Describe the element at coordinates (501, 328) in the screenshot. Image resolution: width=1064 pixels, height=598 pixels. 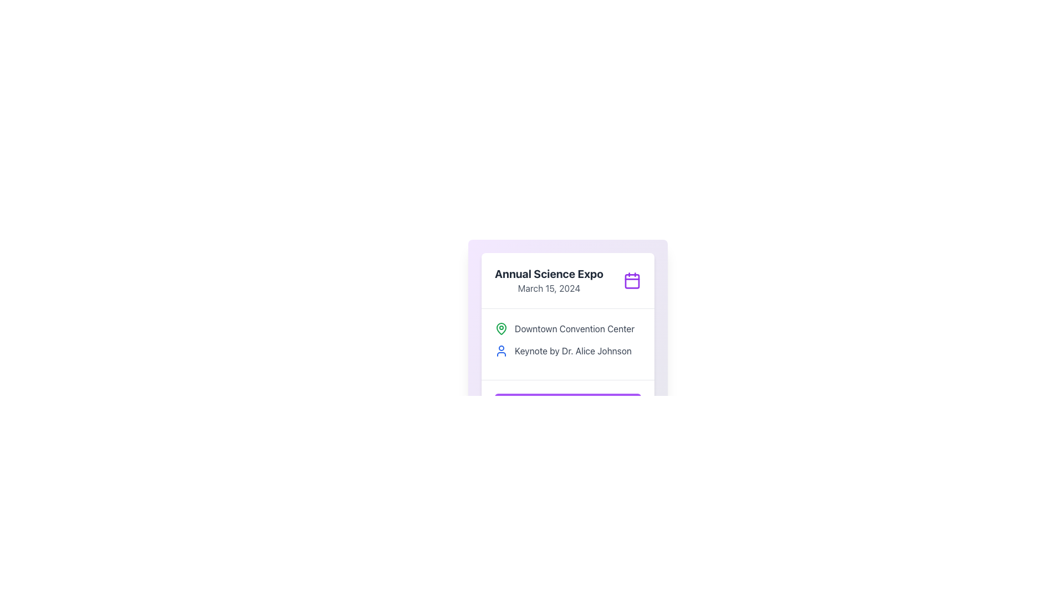
I see `the green map pin icon located to the left of the 'Downtown Convention Center' text label` at that location.